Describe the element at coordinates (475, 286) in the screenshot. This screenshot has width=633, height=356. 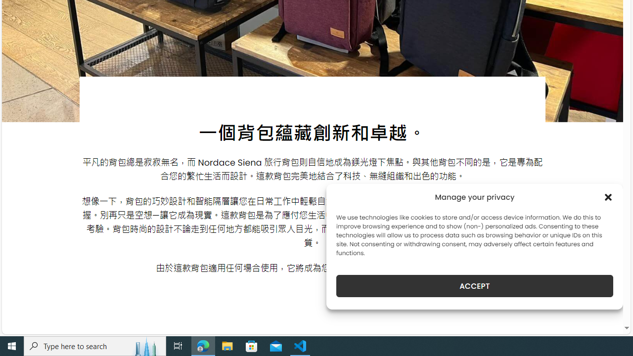
I see `'ACCEPT'` at that location.